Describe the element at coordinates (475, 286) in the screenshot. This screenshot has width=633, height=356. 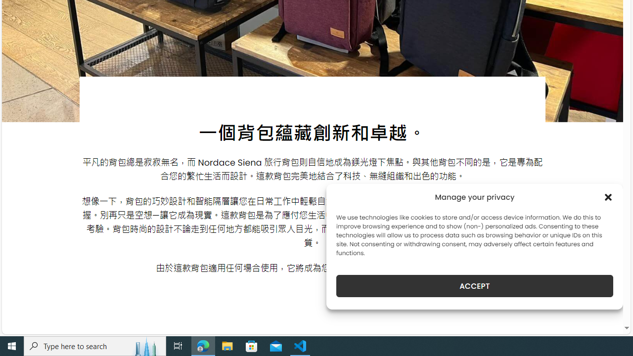
I see `'ACCEPT'` at that location.